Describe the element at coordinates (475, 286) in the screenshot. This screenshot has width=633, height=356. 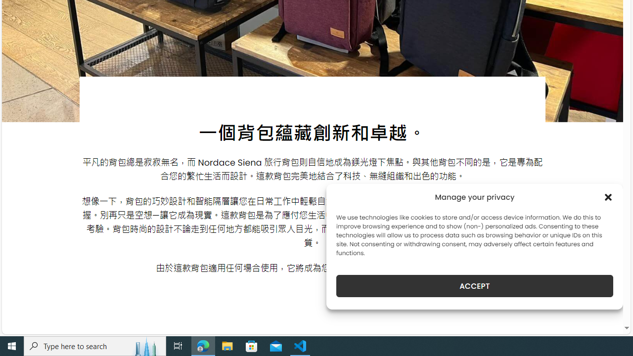
I see `'ACCEPT'` at that location.